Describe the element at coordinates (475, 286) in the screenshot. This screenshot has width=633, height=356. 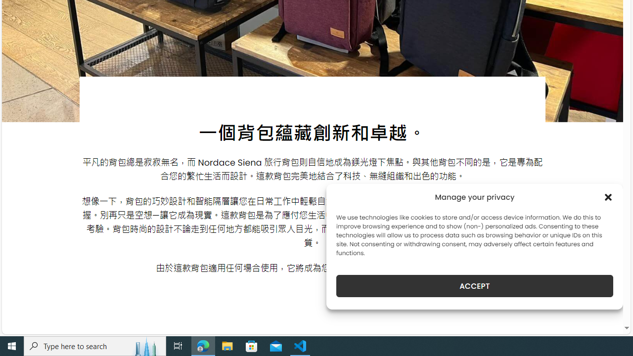
I see `'ACCEPT'` at that location.